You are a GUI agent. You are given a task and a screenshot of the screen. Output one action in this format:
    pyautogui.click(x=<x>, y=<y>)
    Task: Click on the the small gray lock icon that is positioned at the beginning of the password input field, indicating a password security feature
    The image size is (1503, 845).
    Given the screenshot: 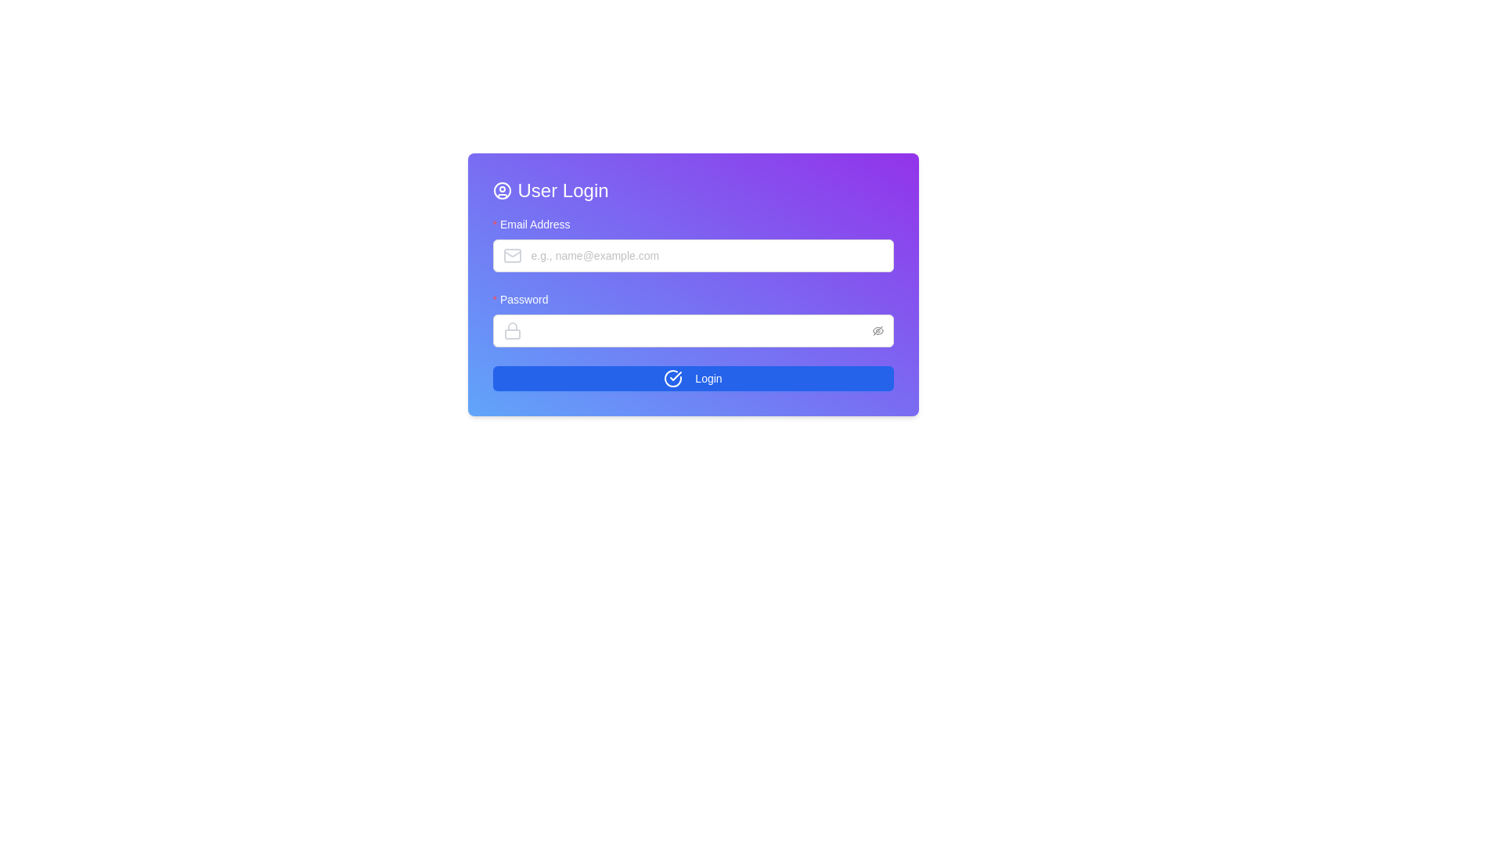 What is the action you would take?
    pyautogui.click(x=515, y=330)
    